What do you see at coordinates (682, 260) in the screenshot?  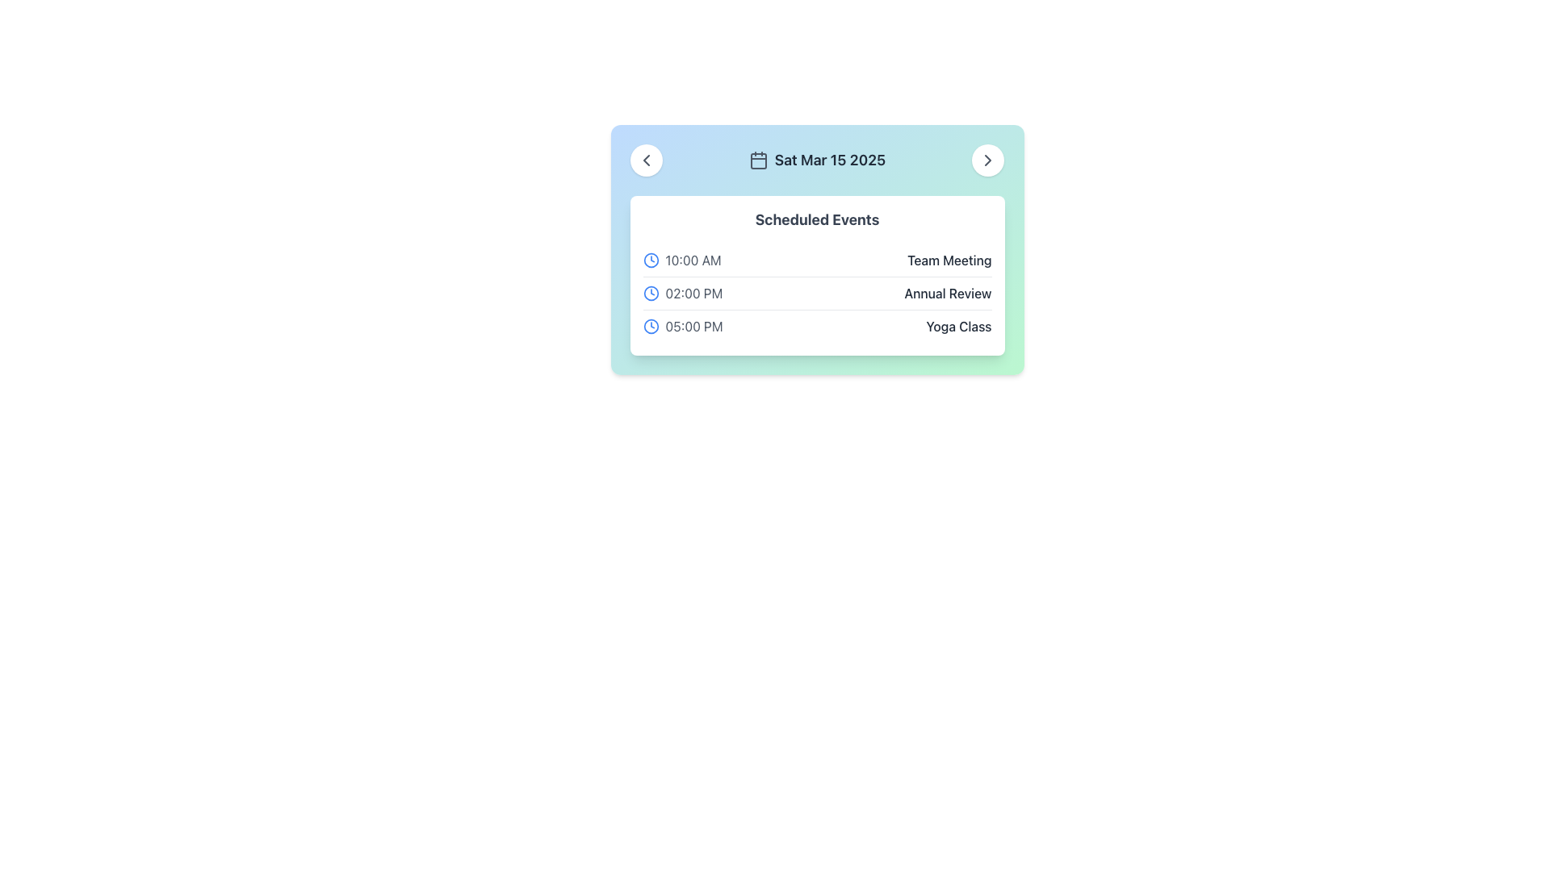 I see `the Time Display with Icon that shows '10:00 AM' next to a blue outlined clock icon, which is the first element in the list of scheduled events` at bounding box center [682, 260].